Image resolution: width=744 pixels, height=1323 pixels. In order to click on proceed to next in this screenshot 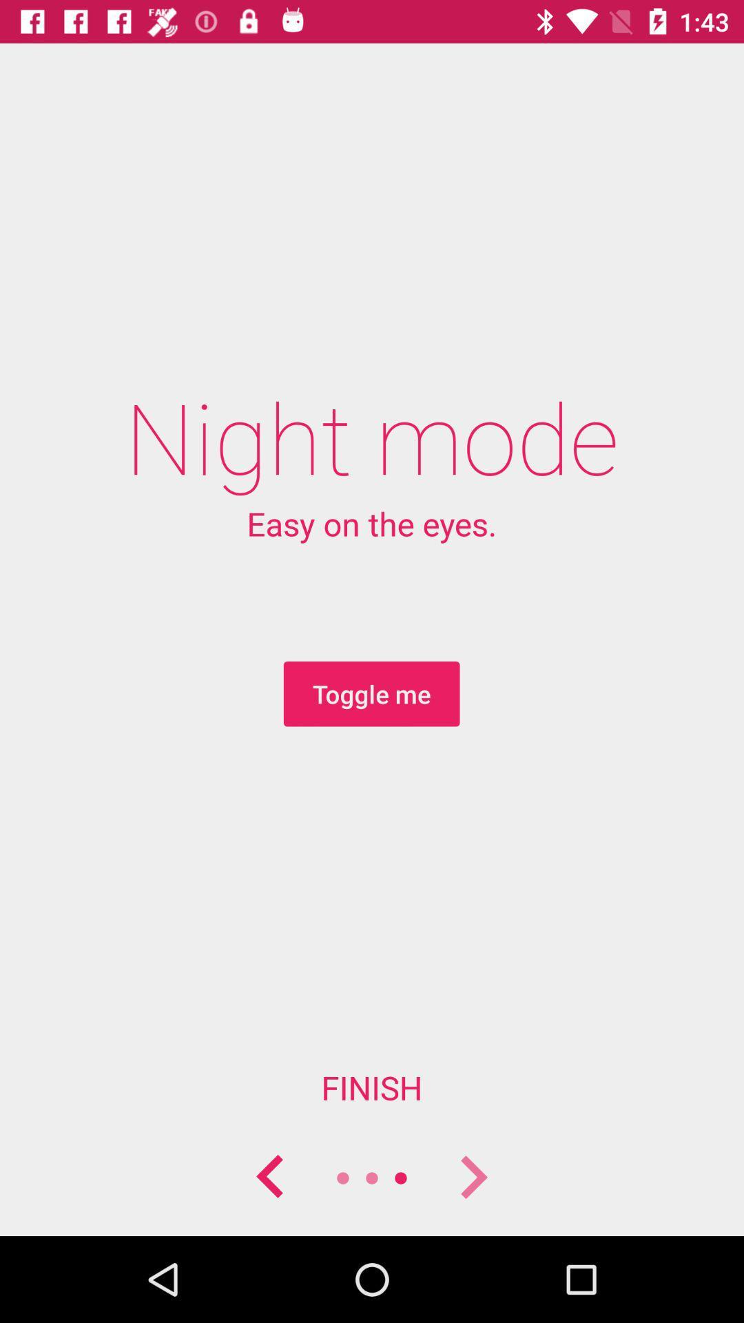, I will do `click(472, 1177)`.